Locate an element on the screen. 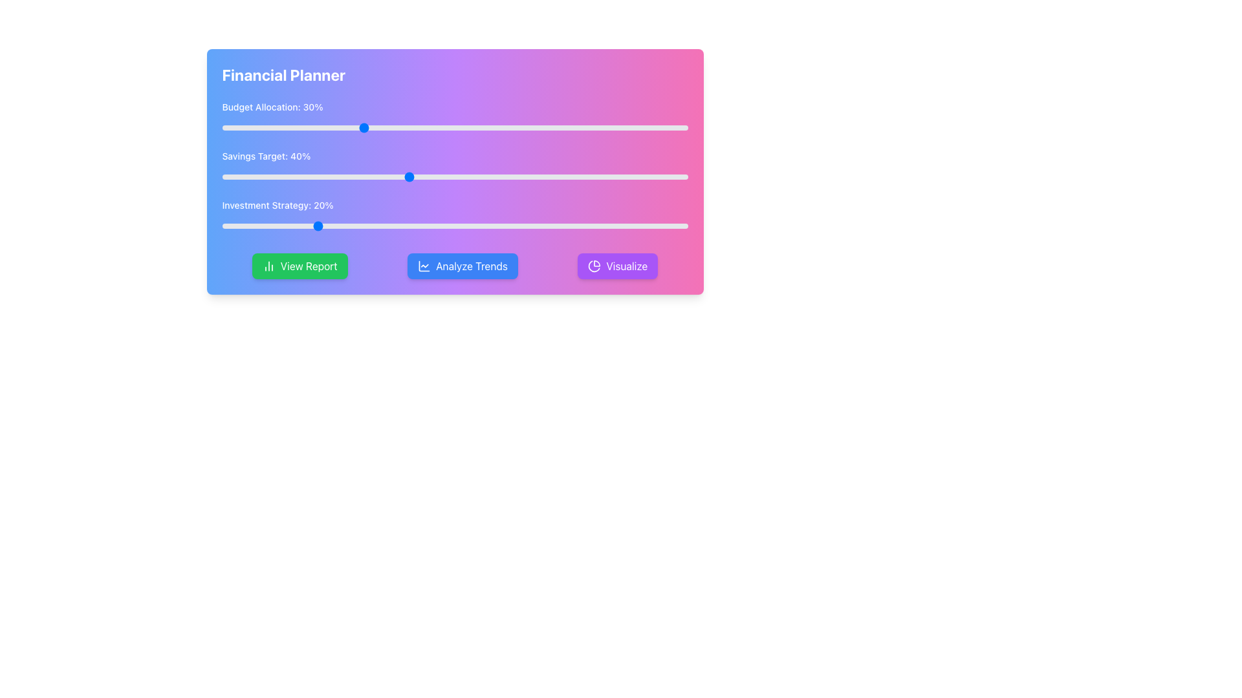 The width and height of the screenshot is (1242, 698). the savings target is located at coordinates (501, 176).